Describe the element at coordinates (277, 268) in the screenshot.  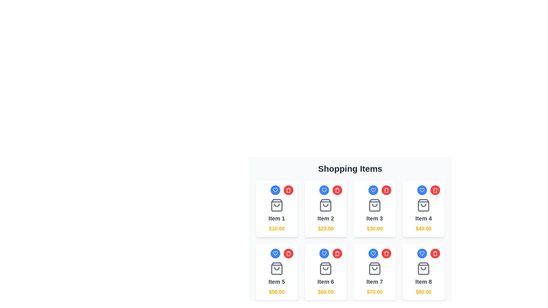
I see `the shopping bag icon for 'Item 5', which is centrally aligned below the like and trash icons in the item card` at that location.